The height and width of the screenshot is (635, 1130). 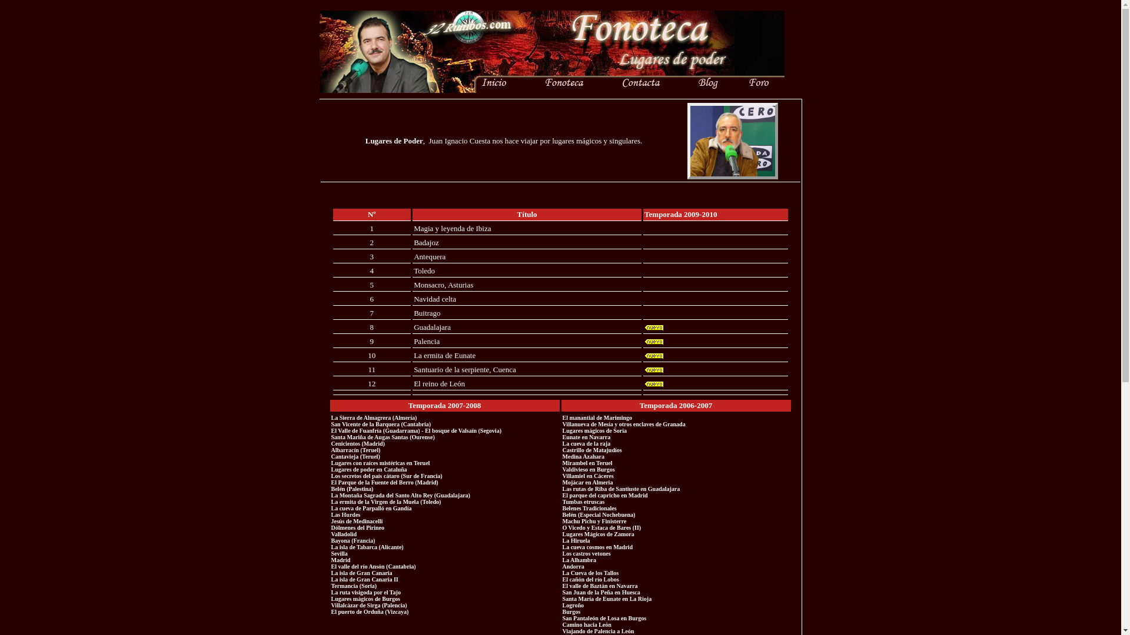 What do you see at coordinates (561, 495) in the screenshot?
I see `'El parque del capricho en Madrid'` at bounding box center [561, 495].